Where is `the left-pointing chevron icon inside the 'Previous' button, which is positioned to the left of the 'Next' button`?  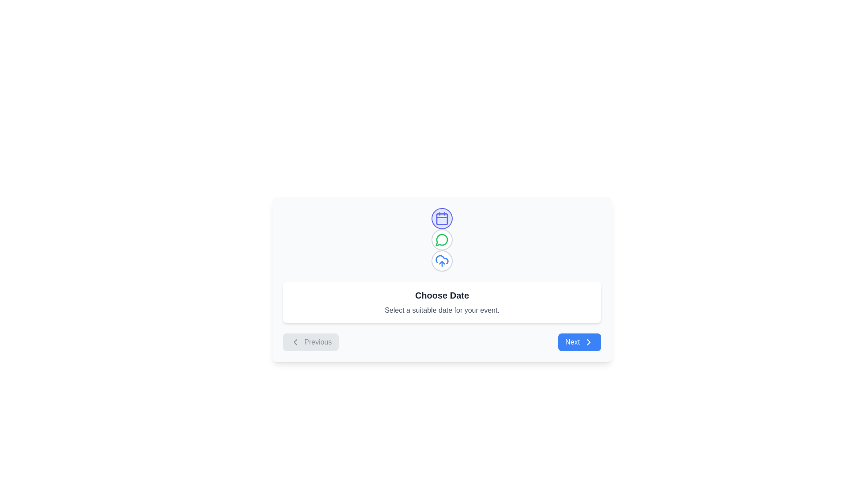 the left-pointing chevron icon inside the 'Previous' button, which is positioned to the left of the 'Next' button is located at coordinates (295, 342).